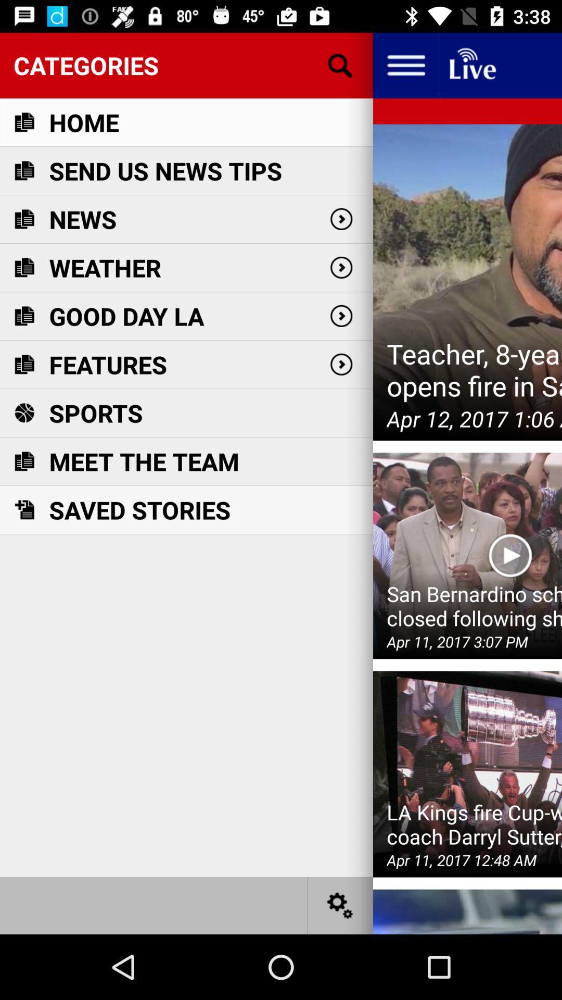 This screenshot has height=1000, width=562. Describe the element at coordinates (83, 122) in the screenshot. I see `the item above the send us news icon` at that location.